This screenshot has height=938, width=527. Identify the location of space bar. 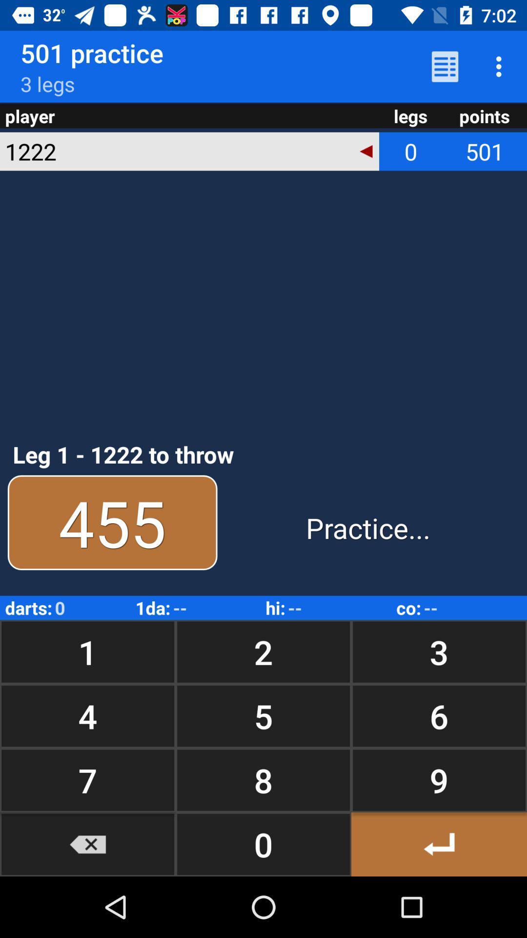
(438, 844).